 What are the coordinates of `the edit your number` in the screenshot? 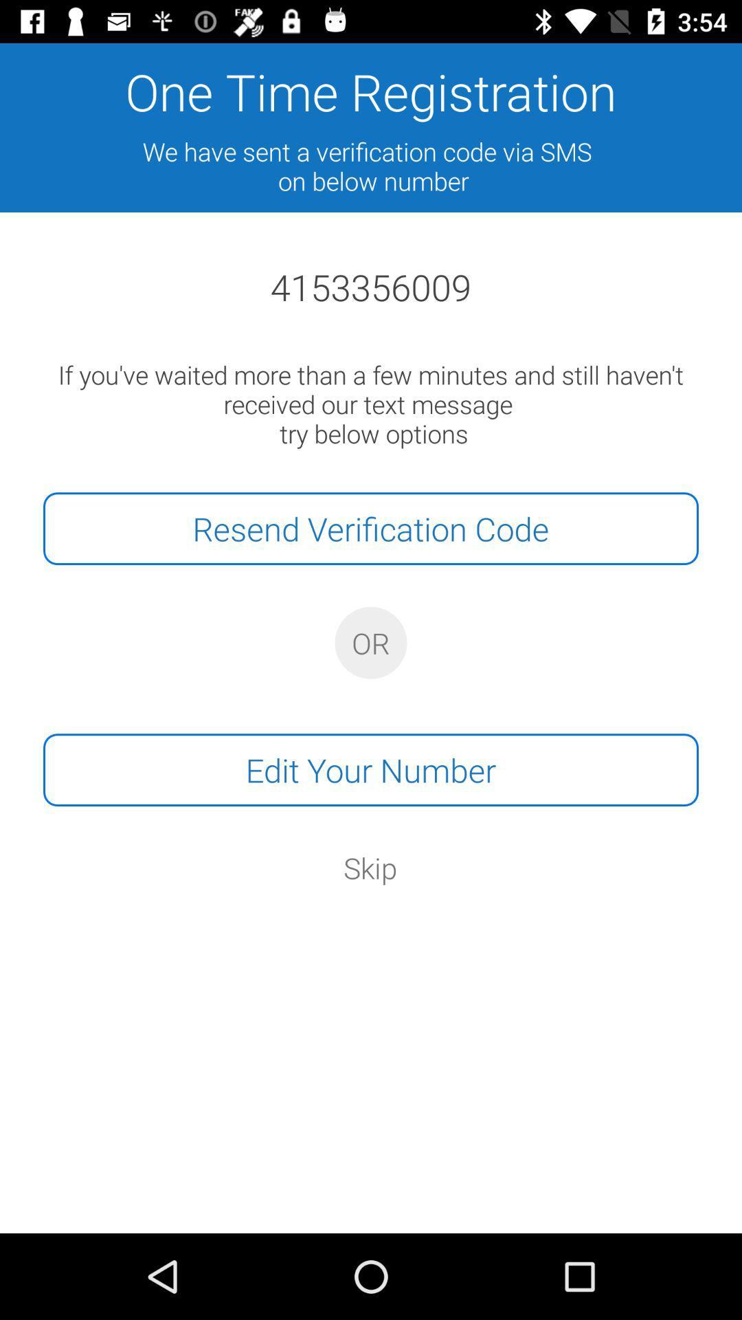 It's located at (371, 770).